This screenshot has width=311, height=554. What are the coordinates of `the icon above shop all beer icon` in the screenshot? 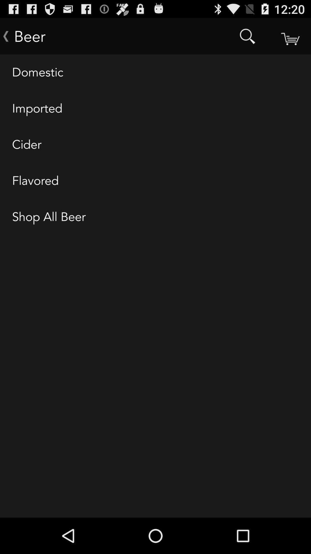 It's located at (155, 181).